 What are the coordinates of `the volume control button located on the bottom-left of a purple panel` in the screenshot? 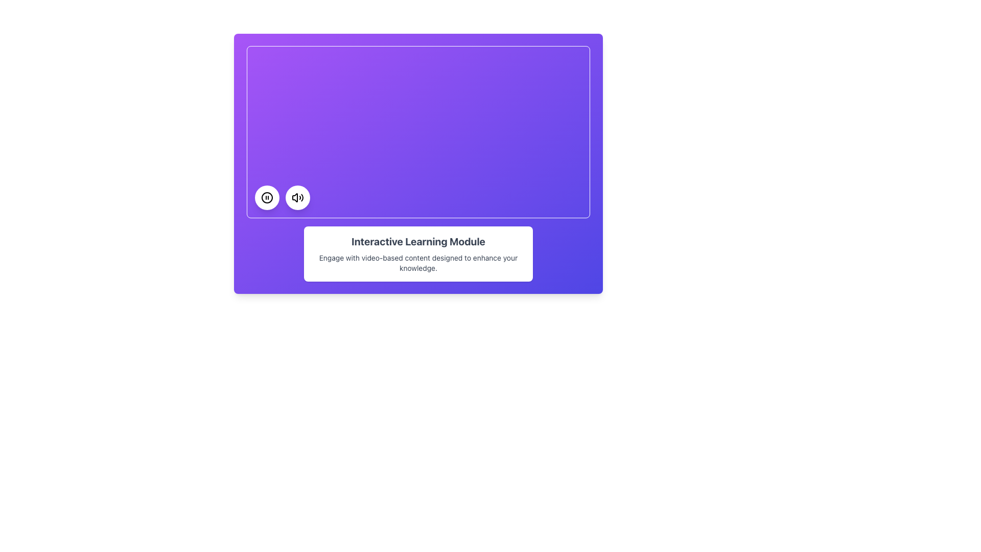 It's located at (297, 197).